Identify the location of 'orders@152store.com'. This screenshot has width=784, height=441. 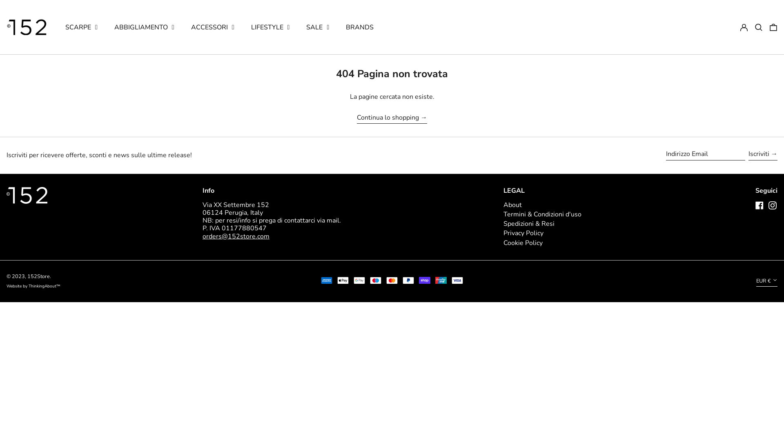
(235, 236).